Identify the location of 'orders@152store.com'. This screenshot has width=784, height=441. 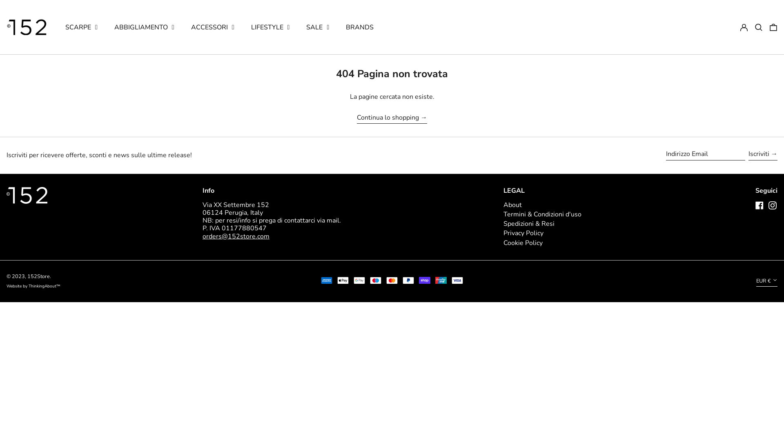
(235, 236).